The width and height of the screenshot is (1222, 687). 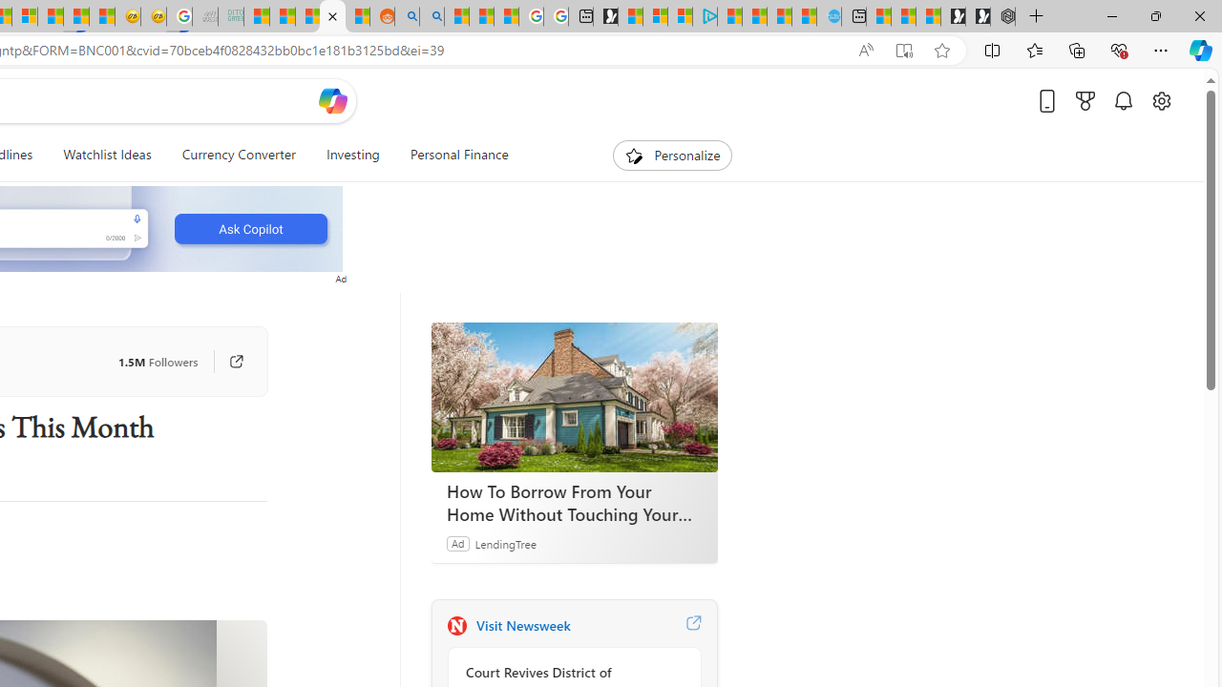 What do you see at coordinates (450, 155) in the screenshot?
I see `'Personal Finance'` at bounding box center [450, 155].